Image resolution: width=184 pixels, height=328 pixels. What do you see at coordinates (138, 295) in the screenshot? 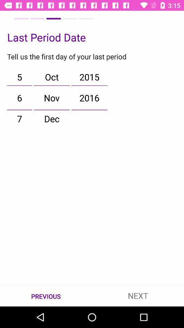
I see `next at the bottom right corner` at bounding box center [138, 295].